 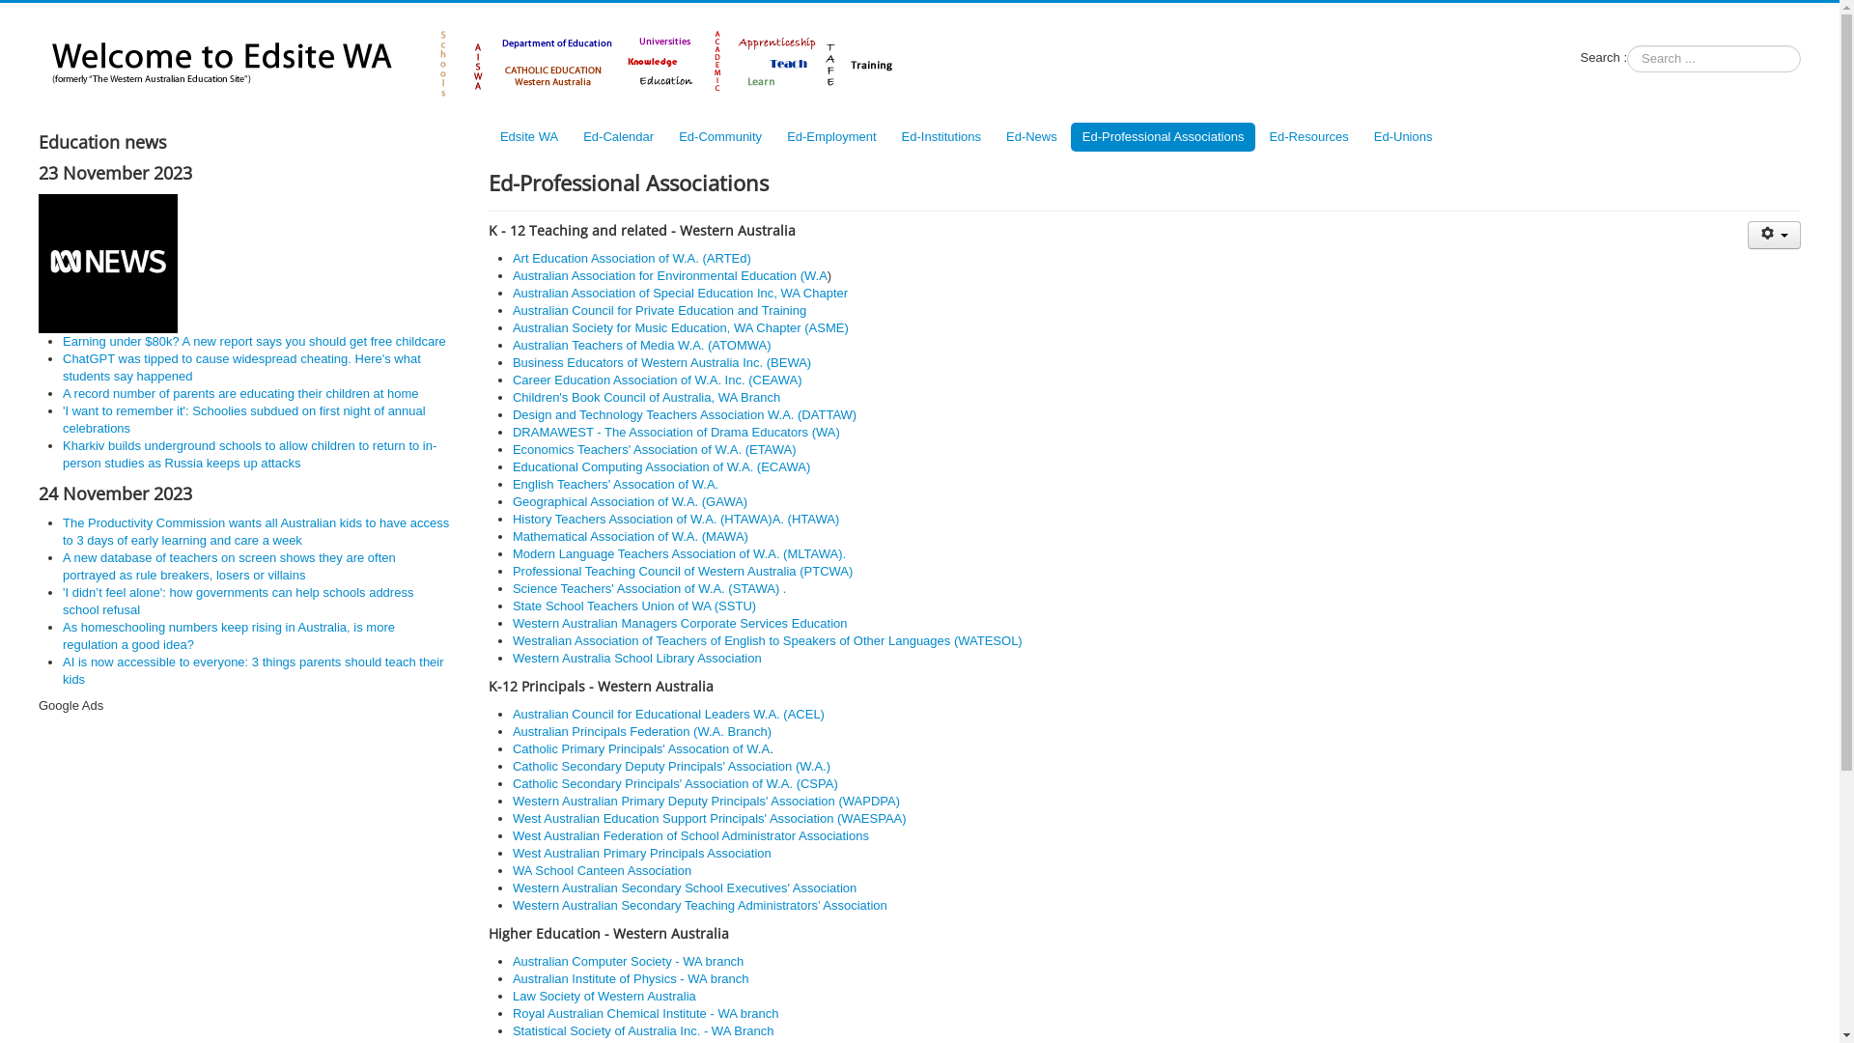 What do you see at coordinates (643, 1029) in the screenshot?
I see `'Statistical Society of Australia Inc. - WA Branch'` at bounding box center [643, 1029].